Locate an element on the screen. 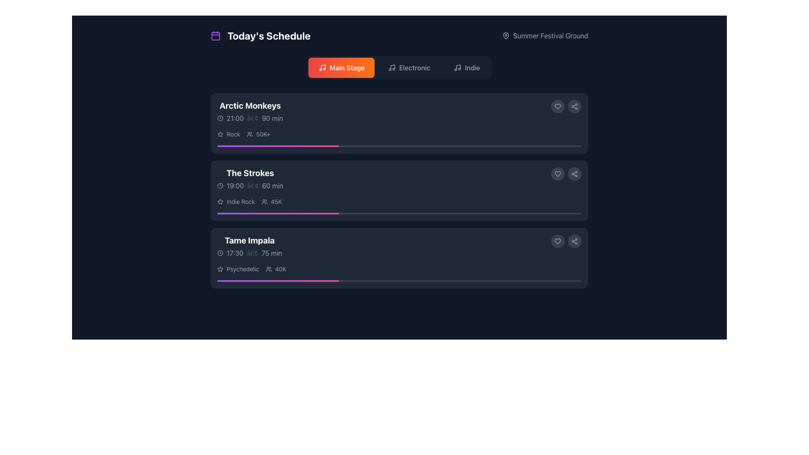 The image size is (809, 455). the progress indicator located in the third card under the 'Tame Impala' section, which visually represents ongoing activity or completion percentage is located at coordinates (399, 281).